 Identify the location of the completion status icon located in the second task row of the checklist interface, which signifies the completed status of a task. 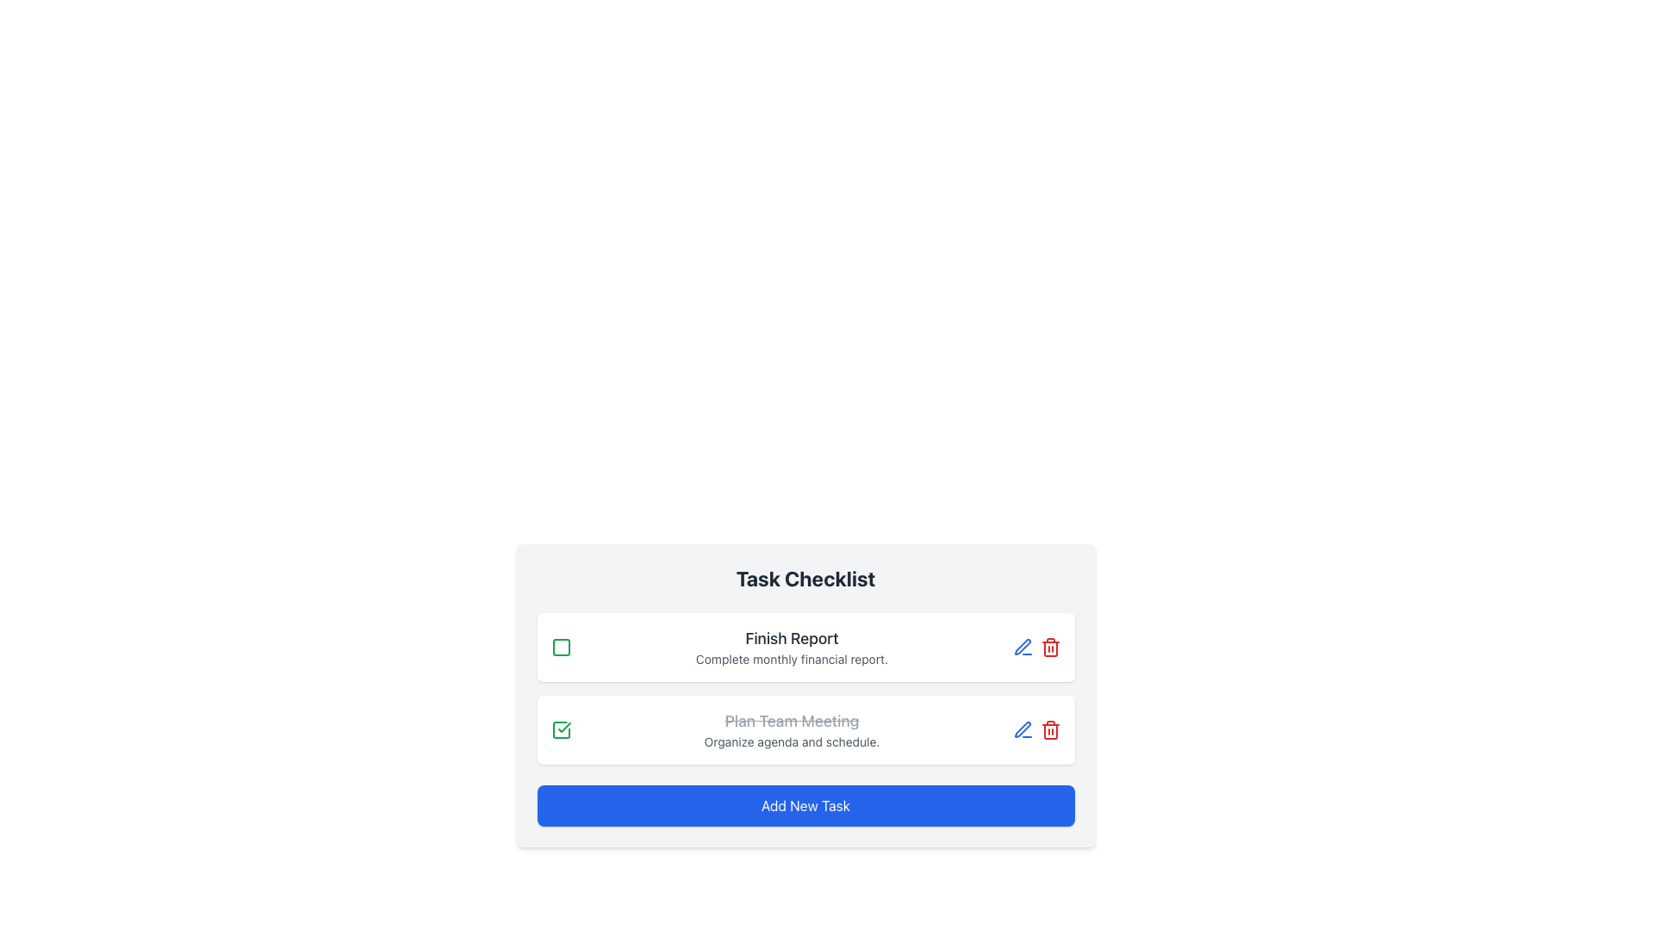
(563, 727).